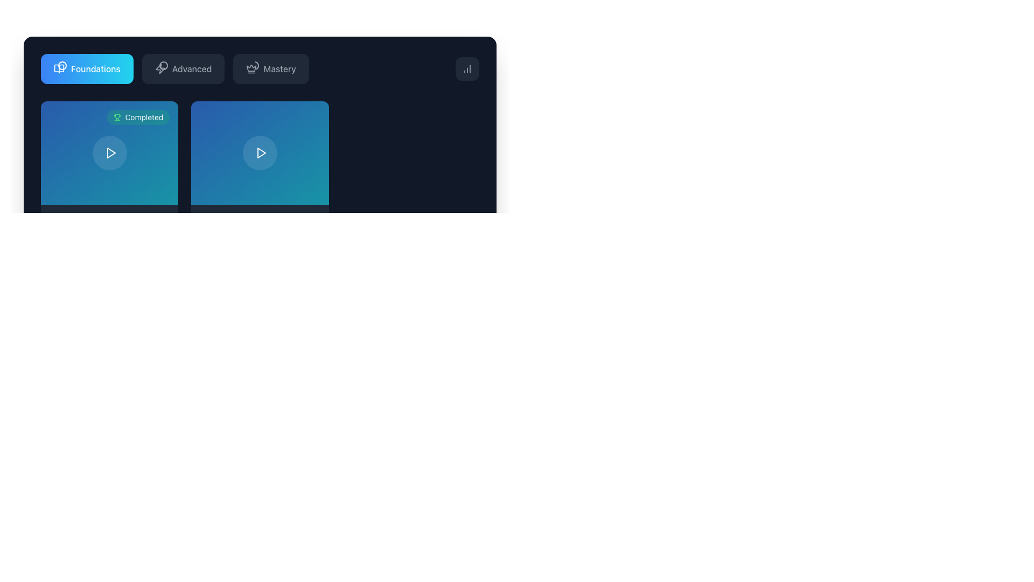  Describe the element at coordinates (163, 66) in the screenshot. I see `the circular progress indicator located at the top-right corner of the card with a green 'Completed' badge` at that location.